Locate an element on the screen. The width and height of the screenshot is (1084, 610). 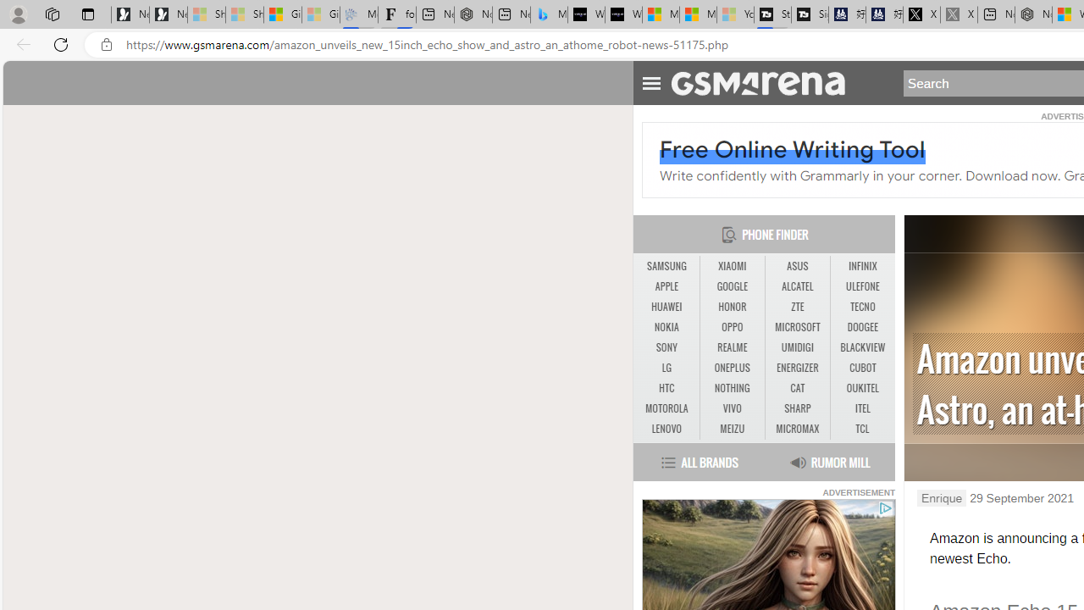
'SHARP' is located at coordinates (796, 408).